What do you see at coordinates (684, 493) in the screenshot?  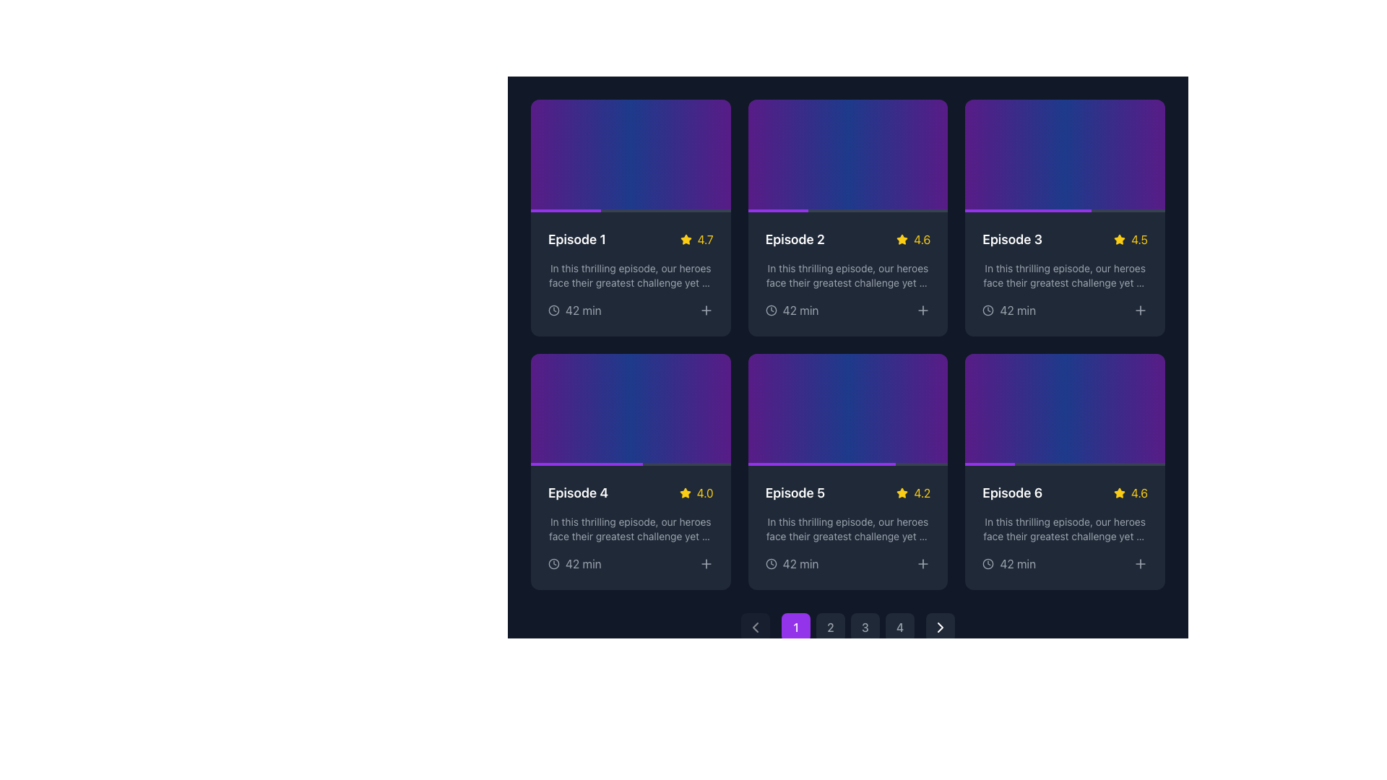 I see `the yellow hollow star icon located to the left of the rating text '4.0' for 'Episode 4'` at bounding box center [684, 493].